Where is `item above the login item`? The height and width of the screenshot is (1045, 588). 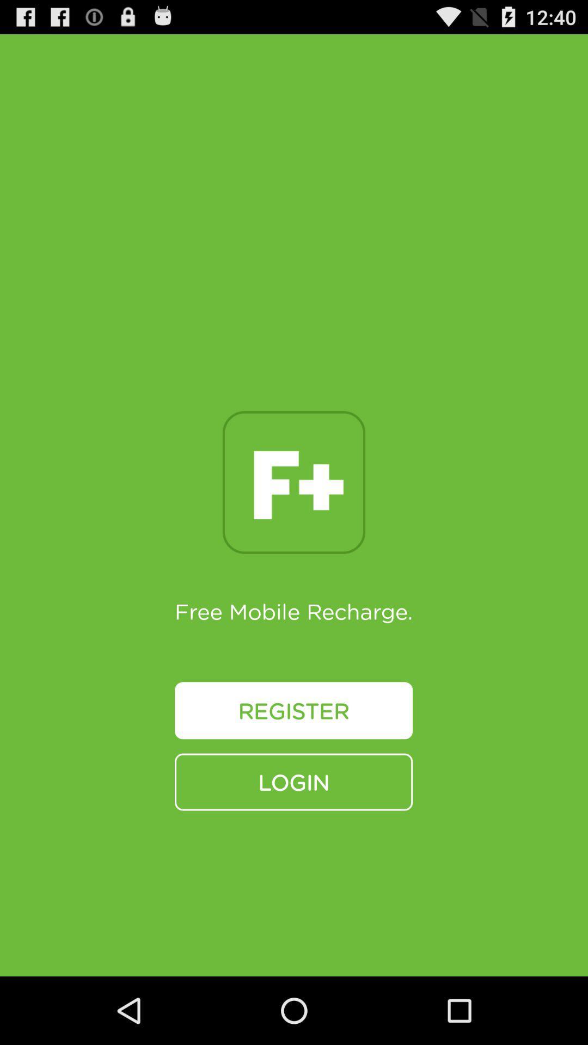
item above the login item is located at coordinates (293, 710).